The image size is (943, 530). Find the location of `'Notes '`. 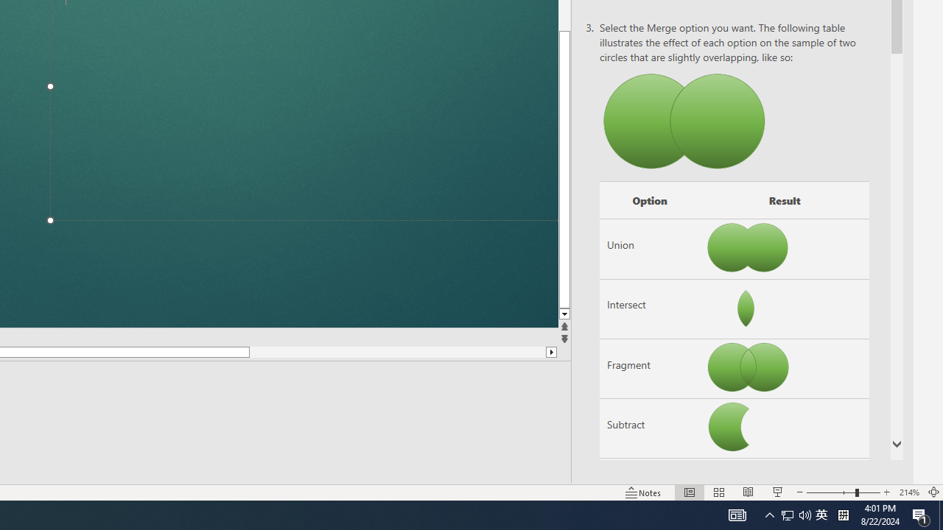

'Notes ' is located at coordinates (644, 492).